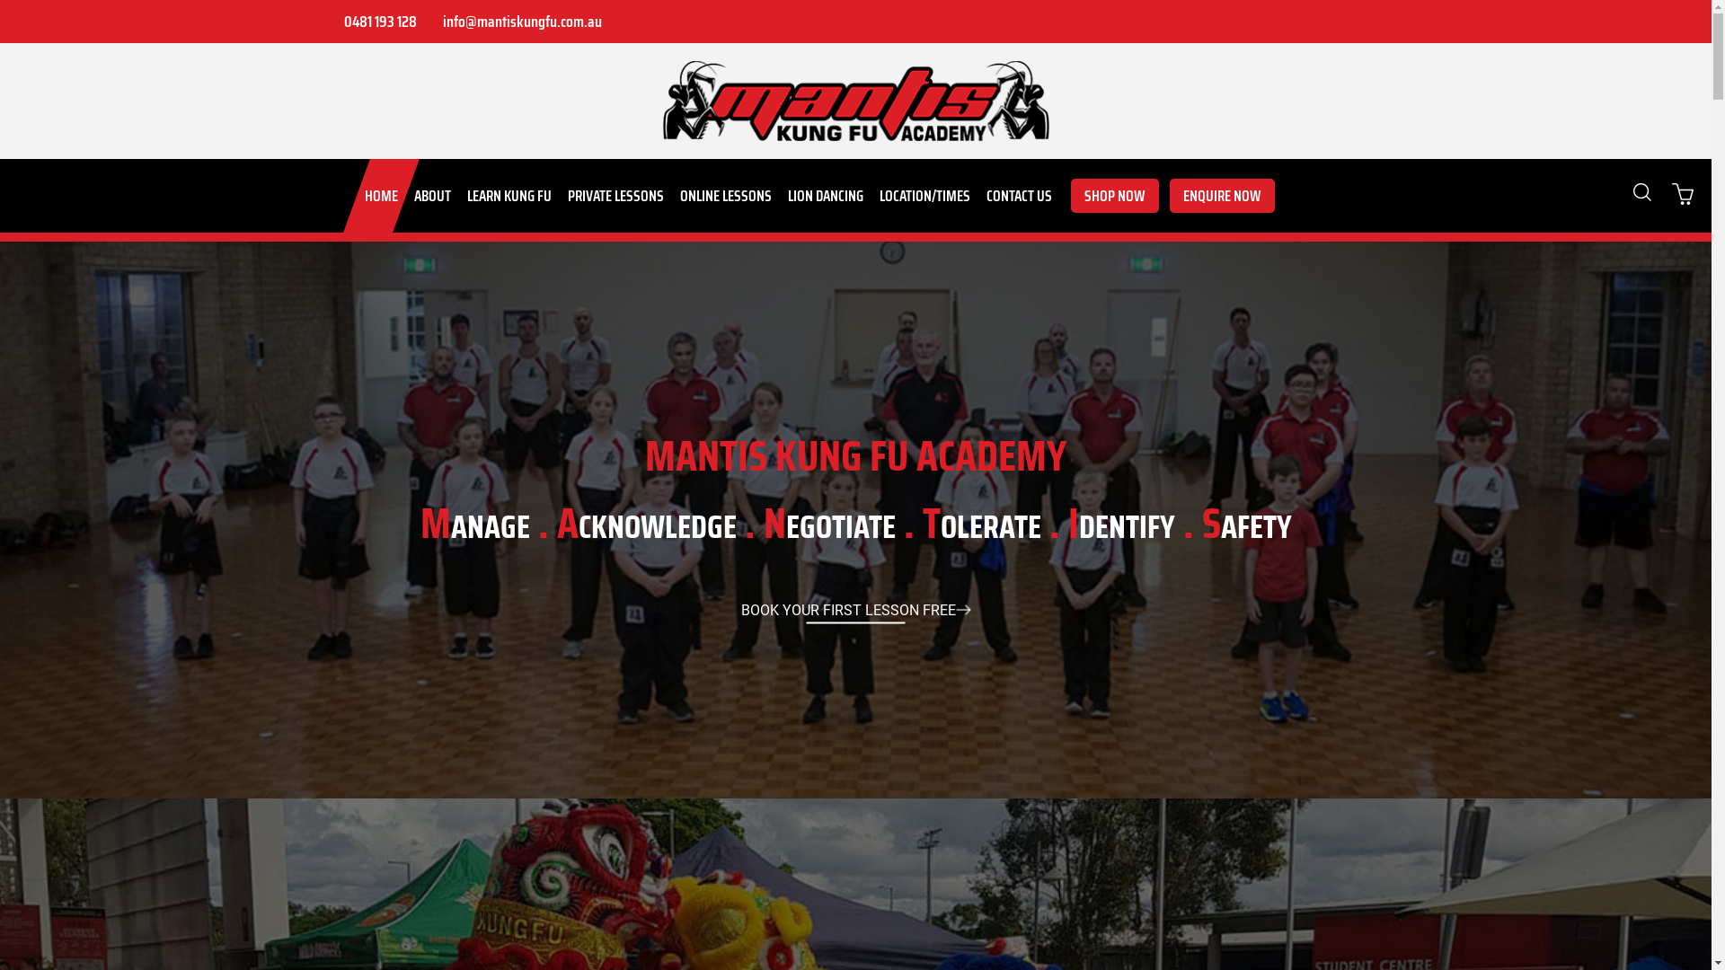 The height and width of the screenshot is (970, 1725). I want to click on 'ENQUIRE NOW', so click(1222, 196).